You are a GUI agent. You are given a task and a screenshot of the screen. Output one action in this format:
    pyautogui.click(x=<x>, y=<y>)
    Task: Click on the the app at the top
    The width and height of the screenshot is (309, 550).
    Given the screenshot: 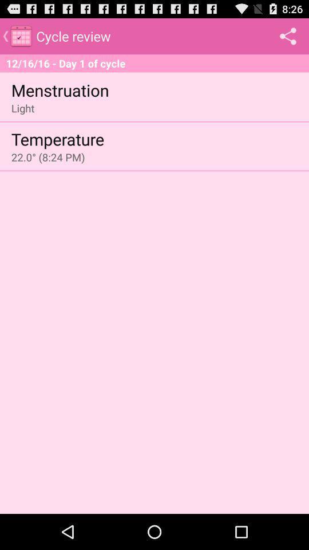 What is the action you would take?
    pyautogui.click(x=154, y=63)
    